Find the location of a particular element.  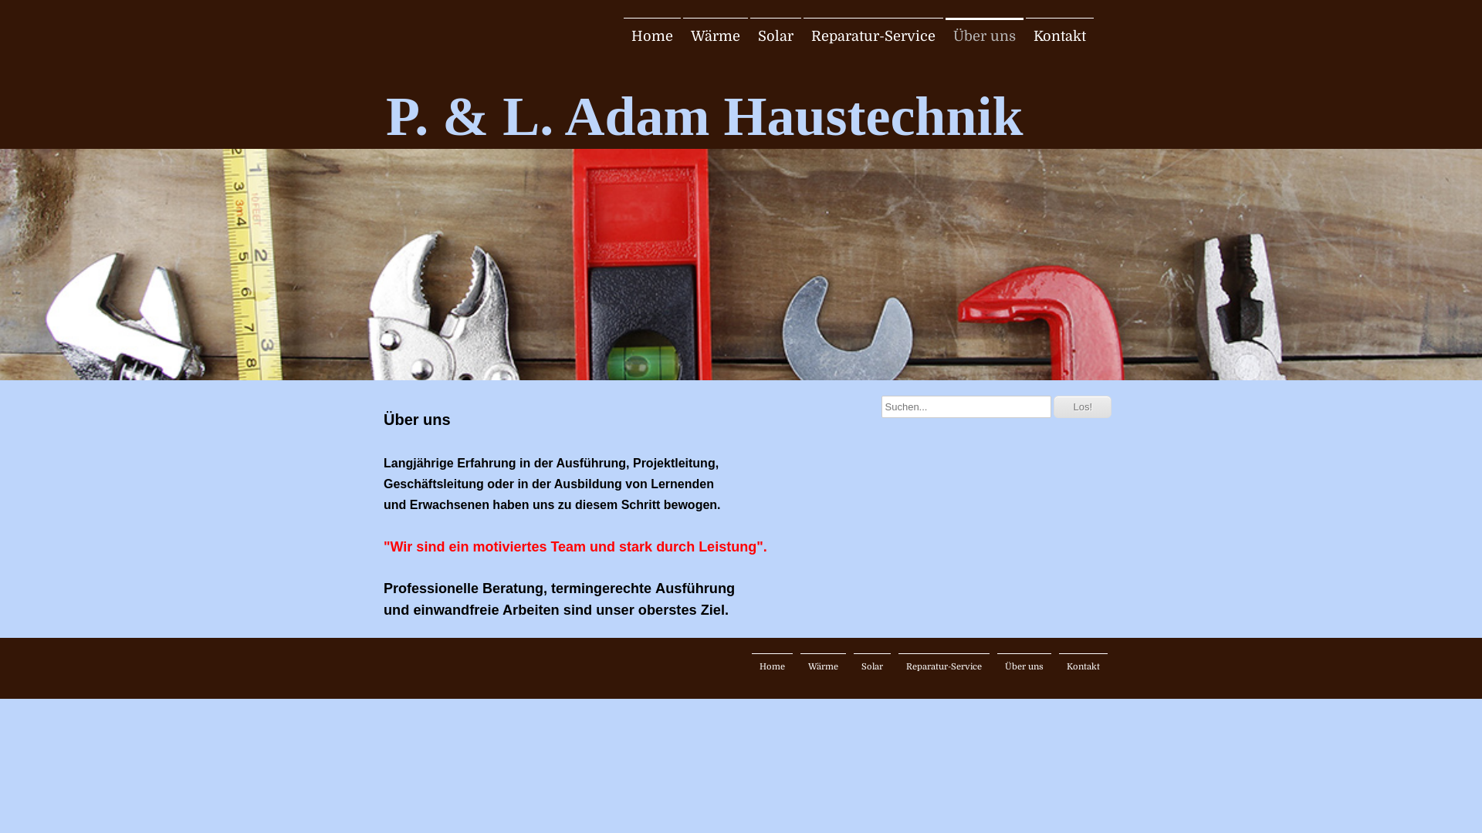

'Home' is located at coordinates (772, 666).